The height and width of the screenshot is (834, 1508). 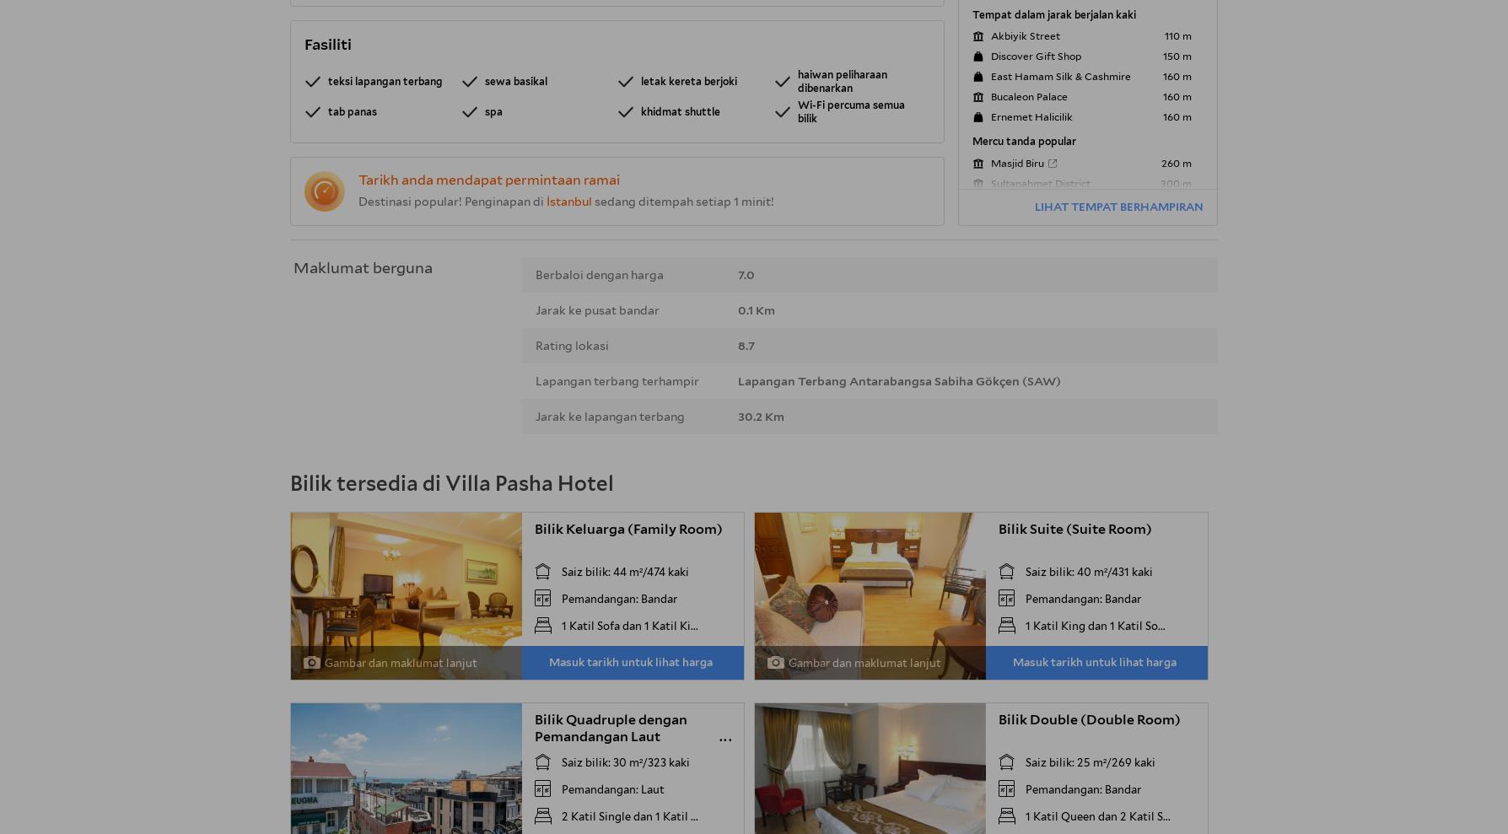 I want to click on '110 m', so click(x=1177, y=35).